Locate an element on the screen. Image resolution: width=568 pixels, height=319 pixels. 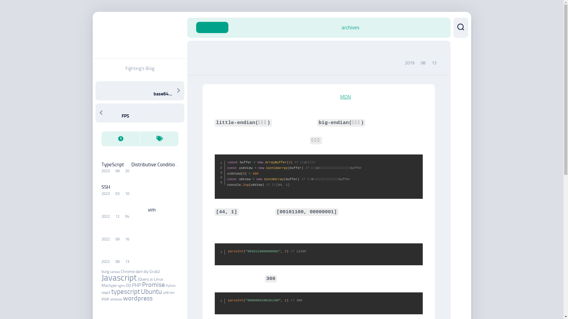
'JQuery' is located at coordinates (143, 279).